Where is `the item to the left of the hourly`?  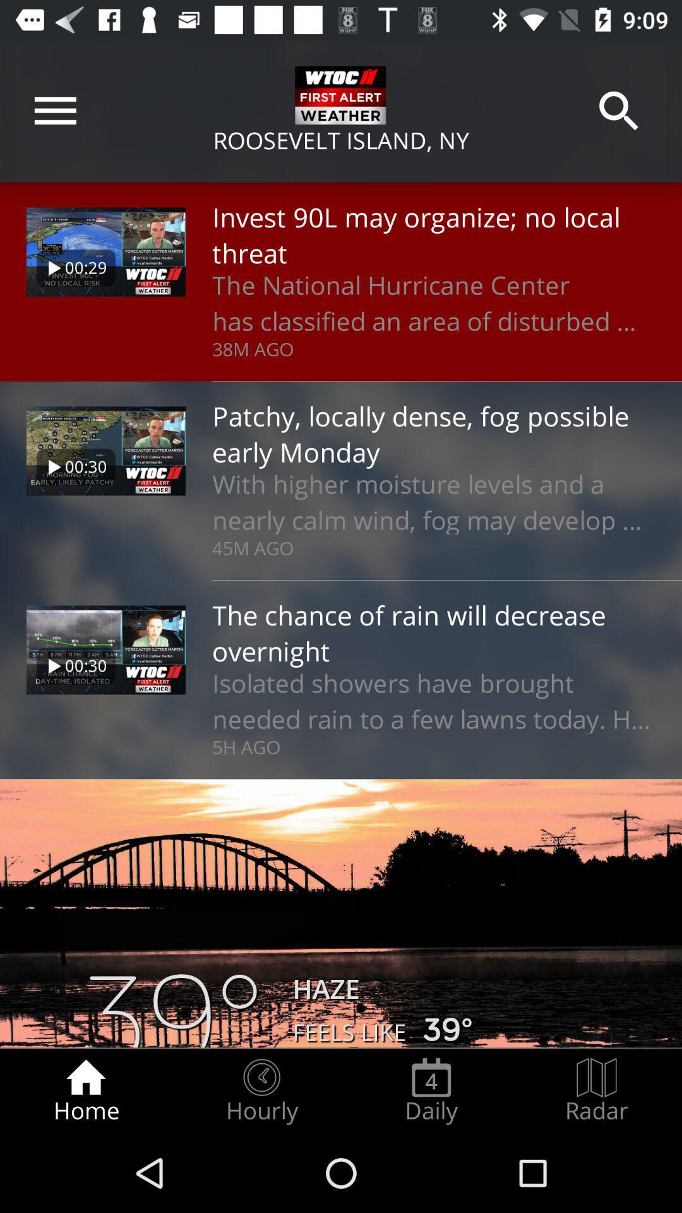 the item to the left of the hourly is located at coordinates (85, 1090).